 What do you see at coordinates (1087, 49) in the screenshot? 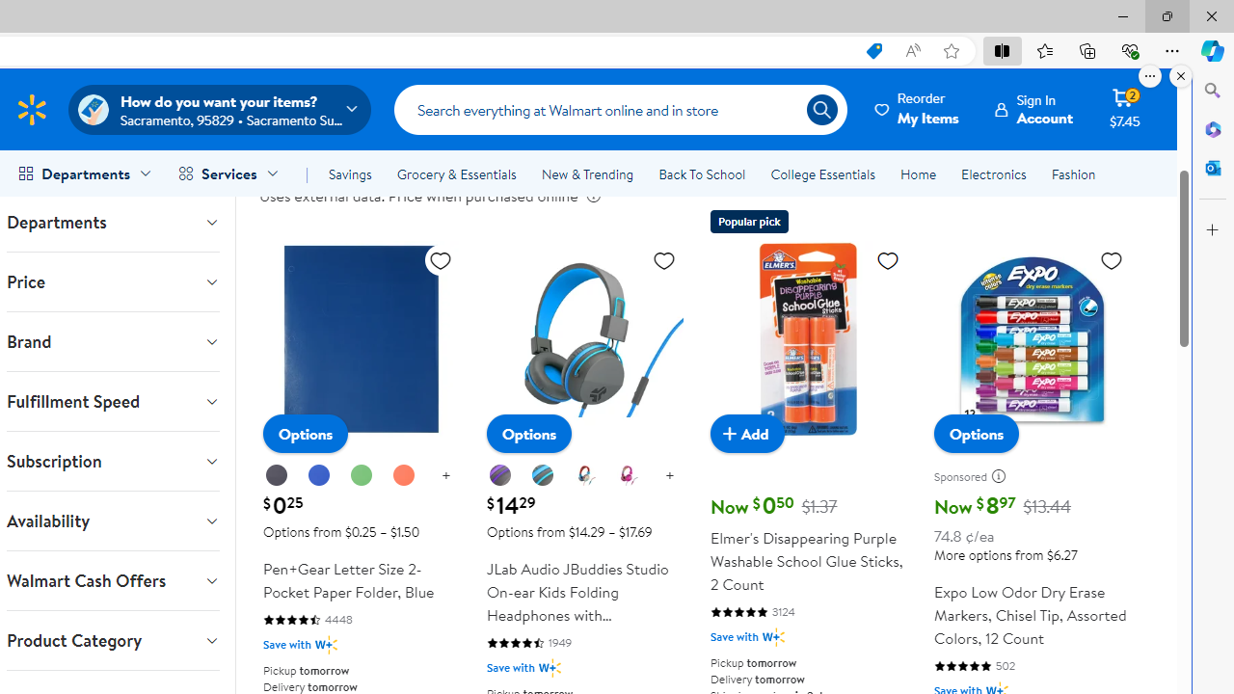
I see `'Collections'` at bounding box center [1087, 49].